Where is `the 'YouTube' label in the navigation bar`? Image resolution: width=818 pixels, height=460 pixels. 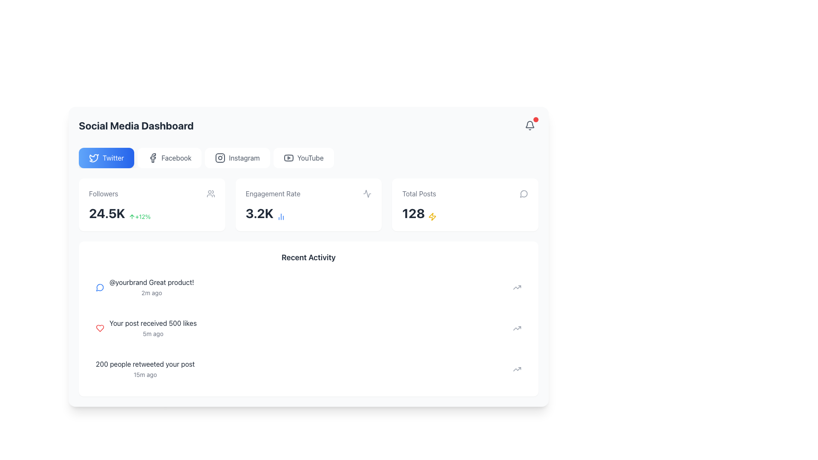
the 'YouTube' label in the navigation bar is located at coordinates (310, 158).